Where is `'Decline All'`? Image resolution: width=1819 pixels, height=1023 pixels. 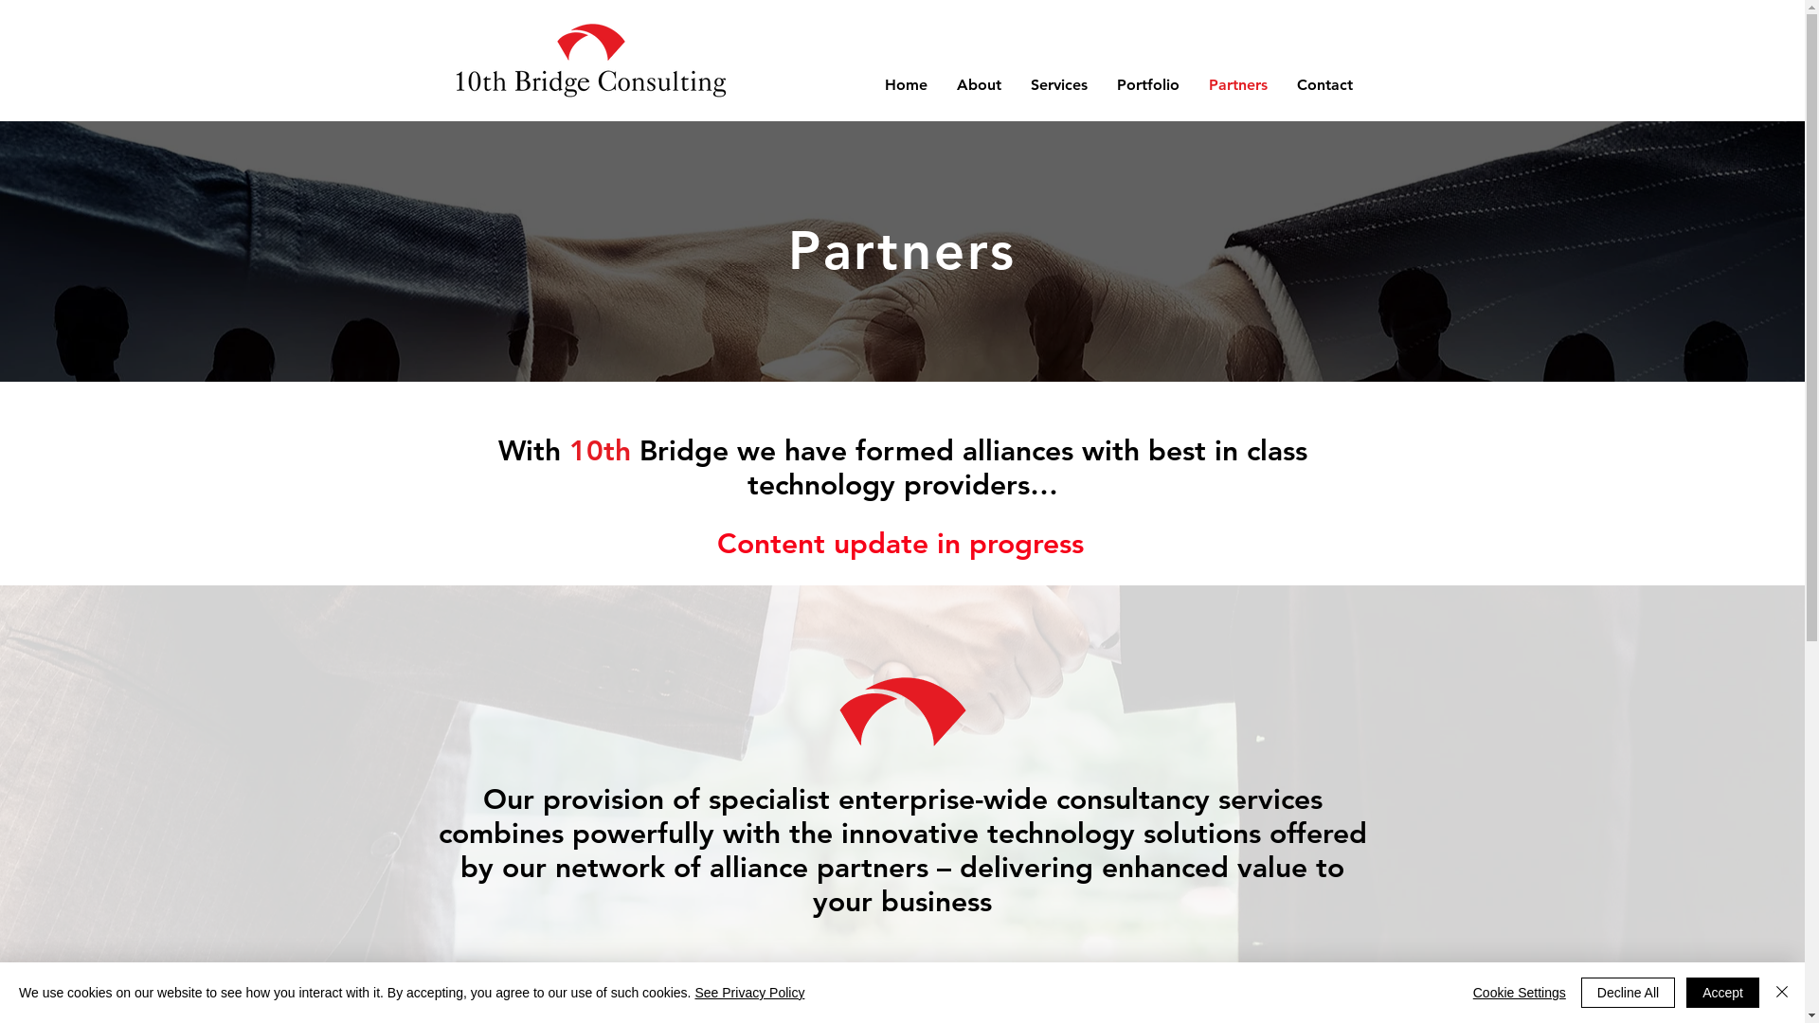 'Decline All' is located at coordinates (1627, 992).